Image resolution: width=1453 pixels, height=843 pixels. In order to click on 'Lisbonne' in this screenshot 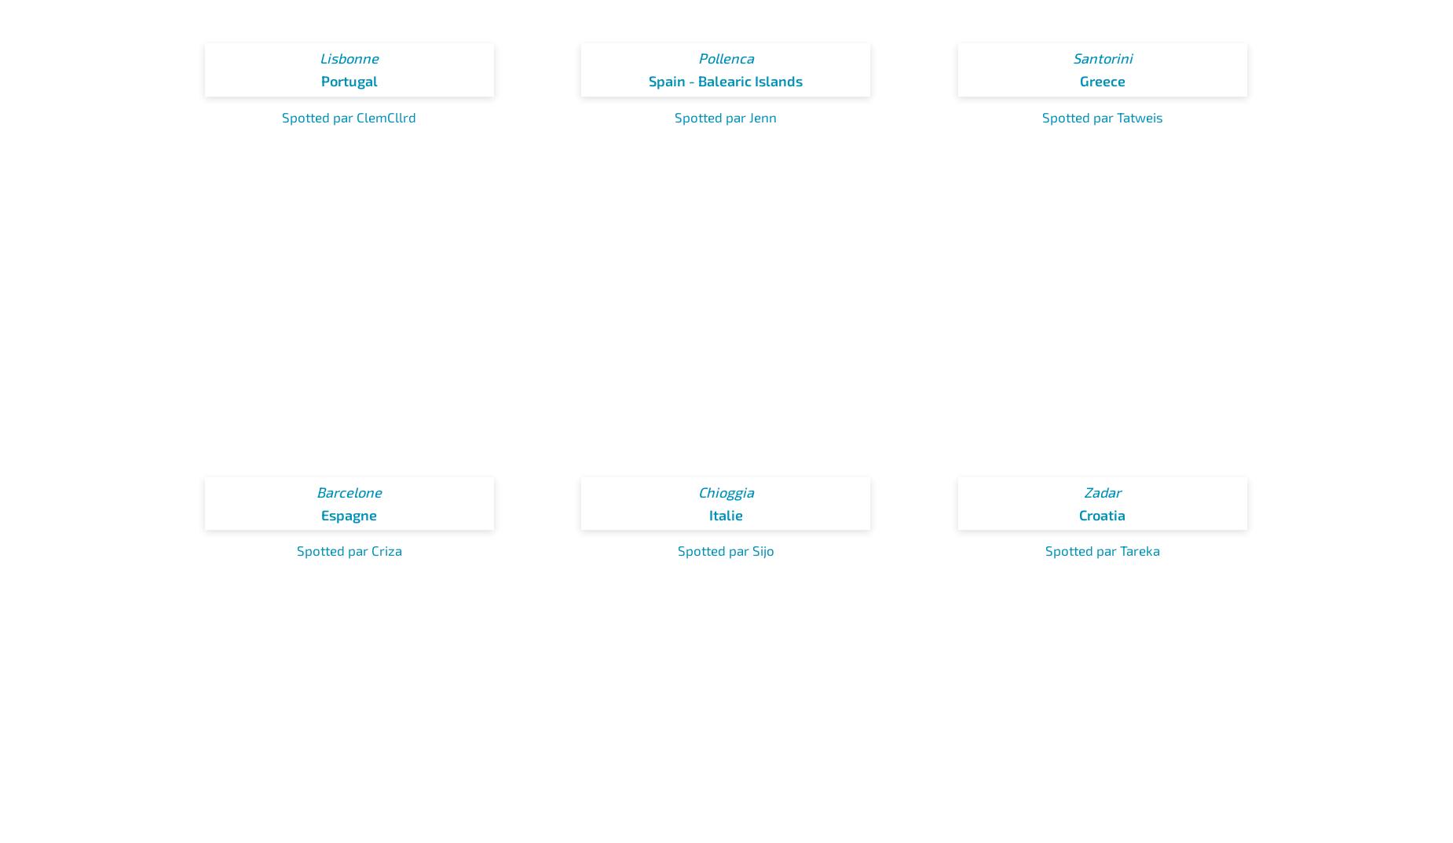, I will do `click(348, 57)`.